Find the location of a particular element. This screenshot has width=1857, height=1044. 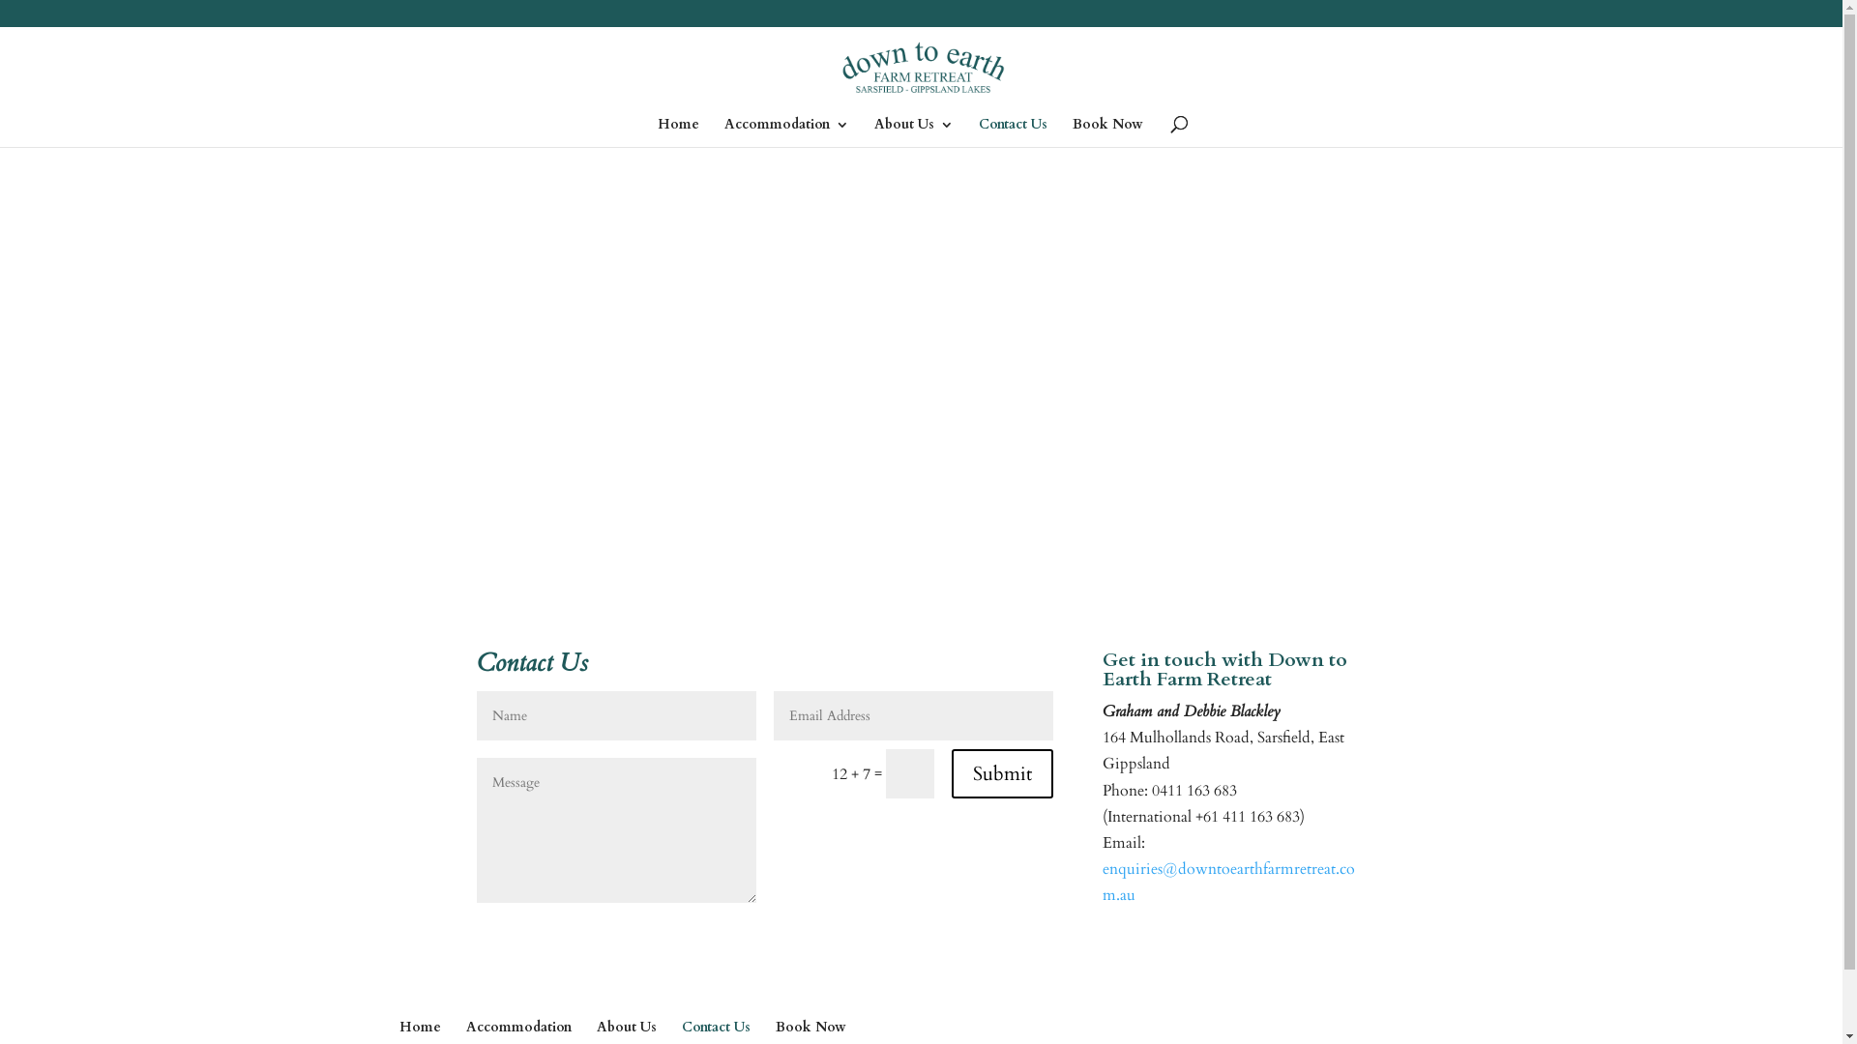

'Accommodation' is located at coordinates (518, 1026).